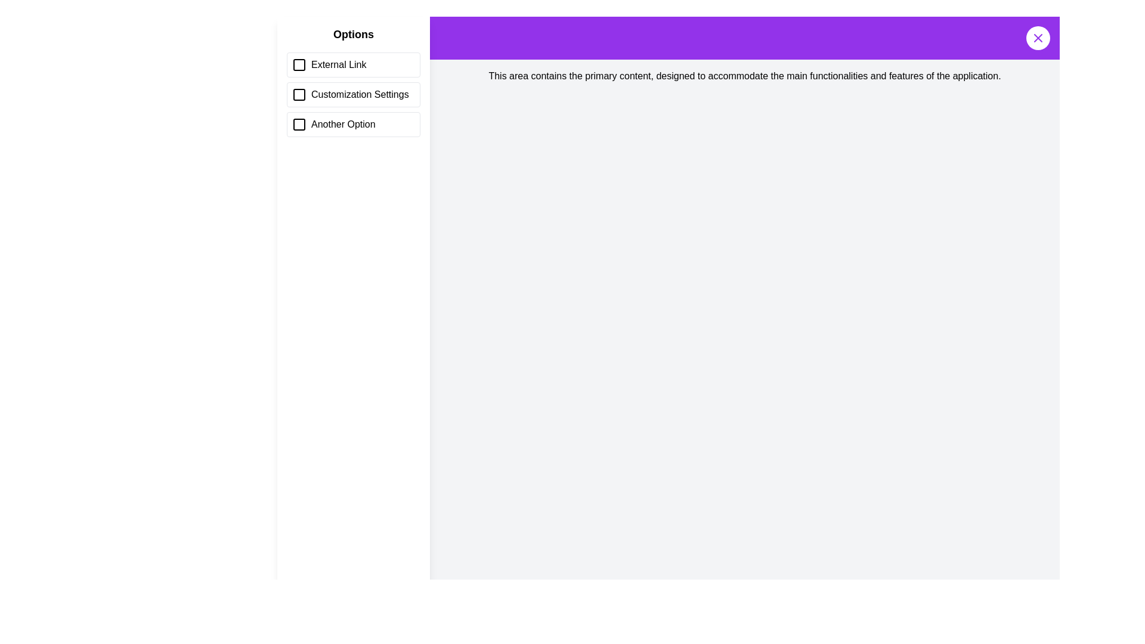 The height and width of the screenshot is (644, 1145). What do you see at coordinates (299, 94) in the screenshot?
I see `the small black square icon with a hollow center, located to the left of 'Customization Settings'` at bounding box center [299, 94].